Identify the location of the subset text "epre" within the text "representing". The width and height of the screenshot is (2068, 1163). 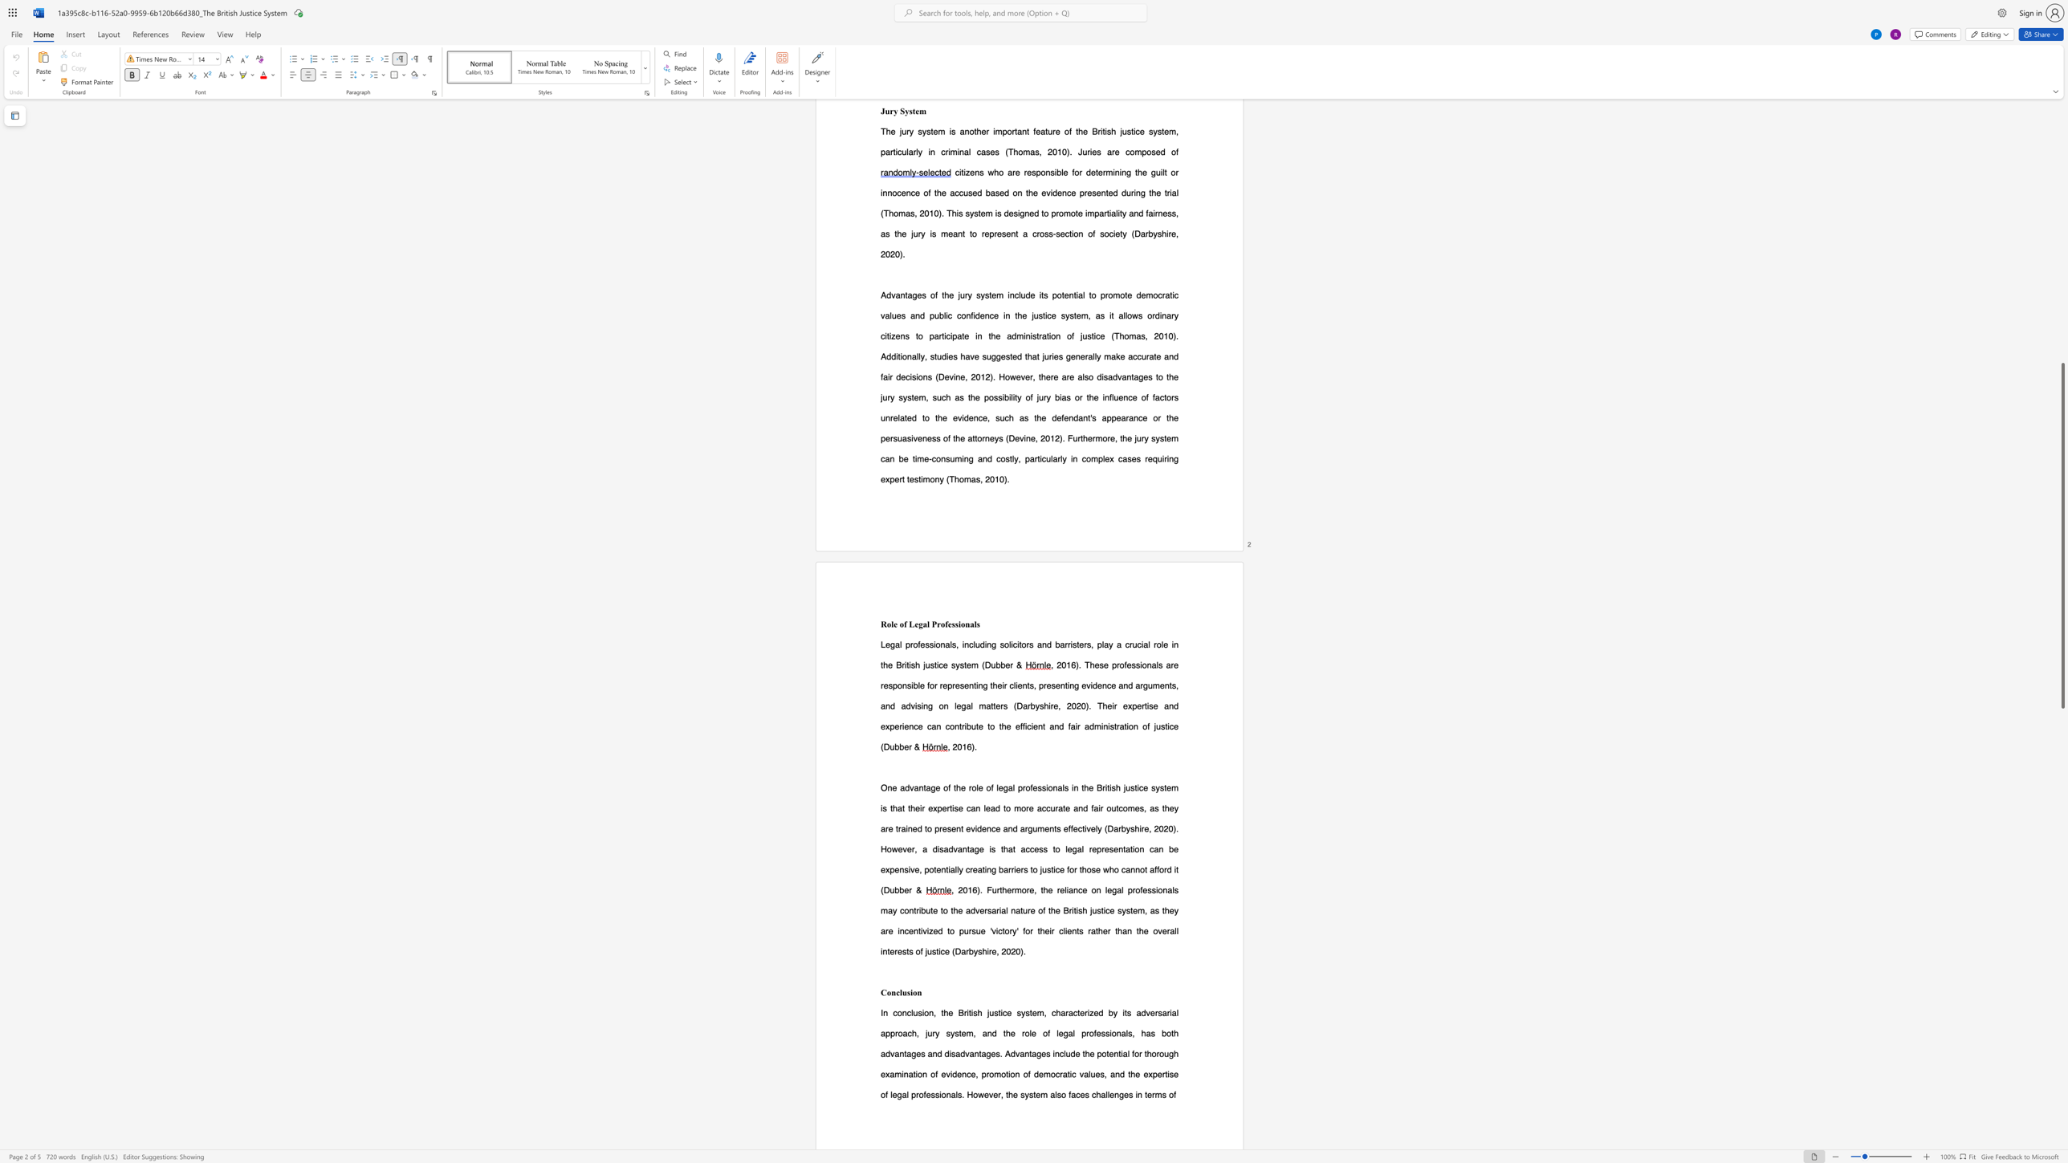
(942, 685).